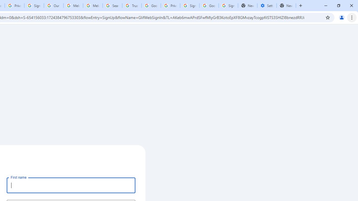  What do you see at coordinates (267, 6) in the screenshot?
I see `'Settings - Addresses and more'` at bounding box center [267, 6].